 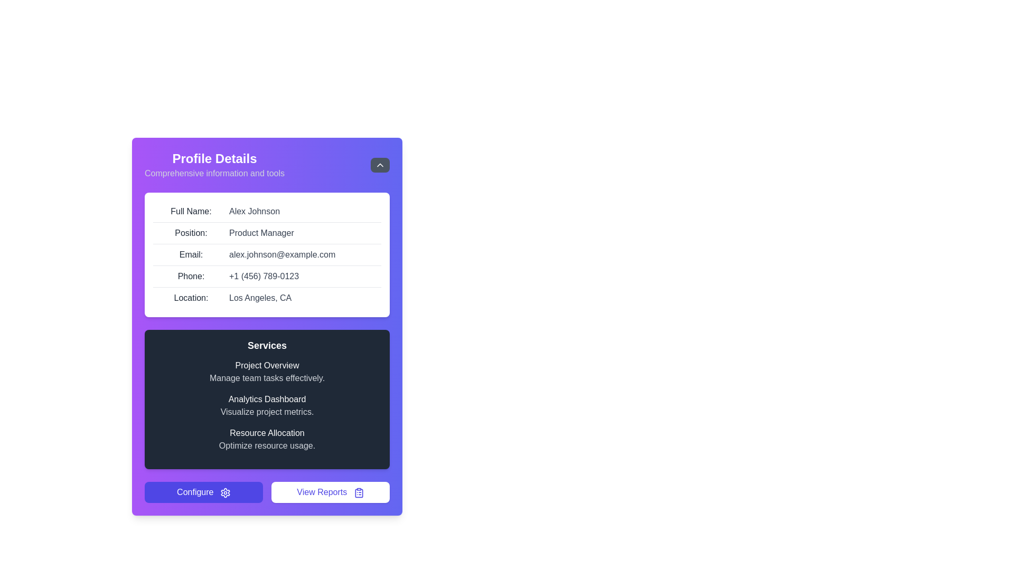 What do you see at coordinates (267, 445) in the screenshot?
I see `the text label displaying 'Optimize resource usage.' which is styled in light gray and located below the 'Resource Allocation' heading in the 'Services' section` at bounding box center [267, 445].